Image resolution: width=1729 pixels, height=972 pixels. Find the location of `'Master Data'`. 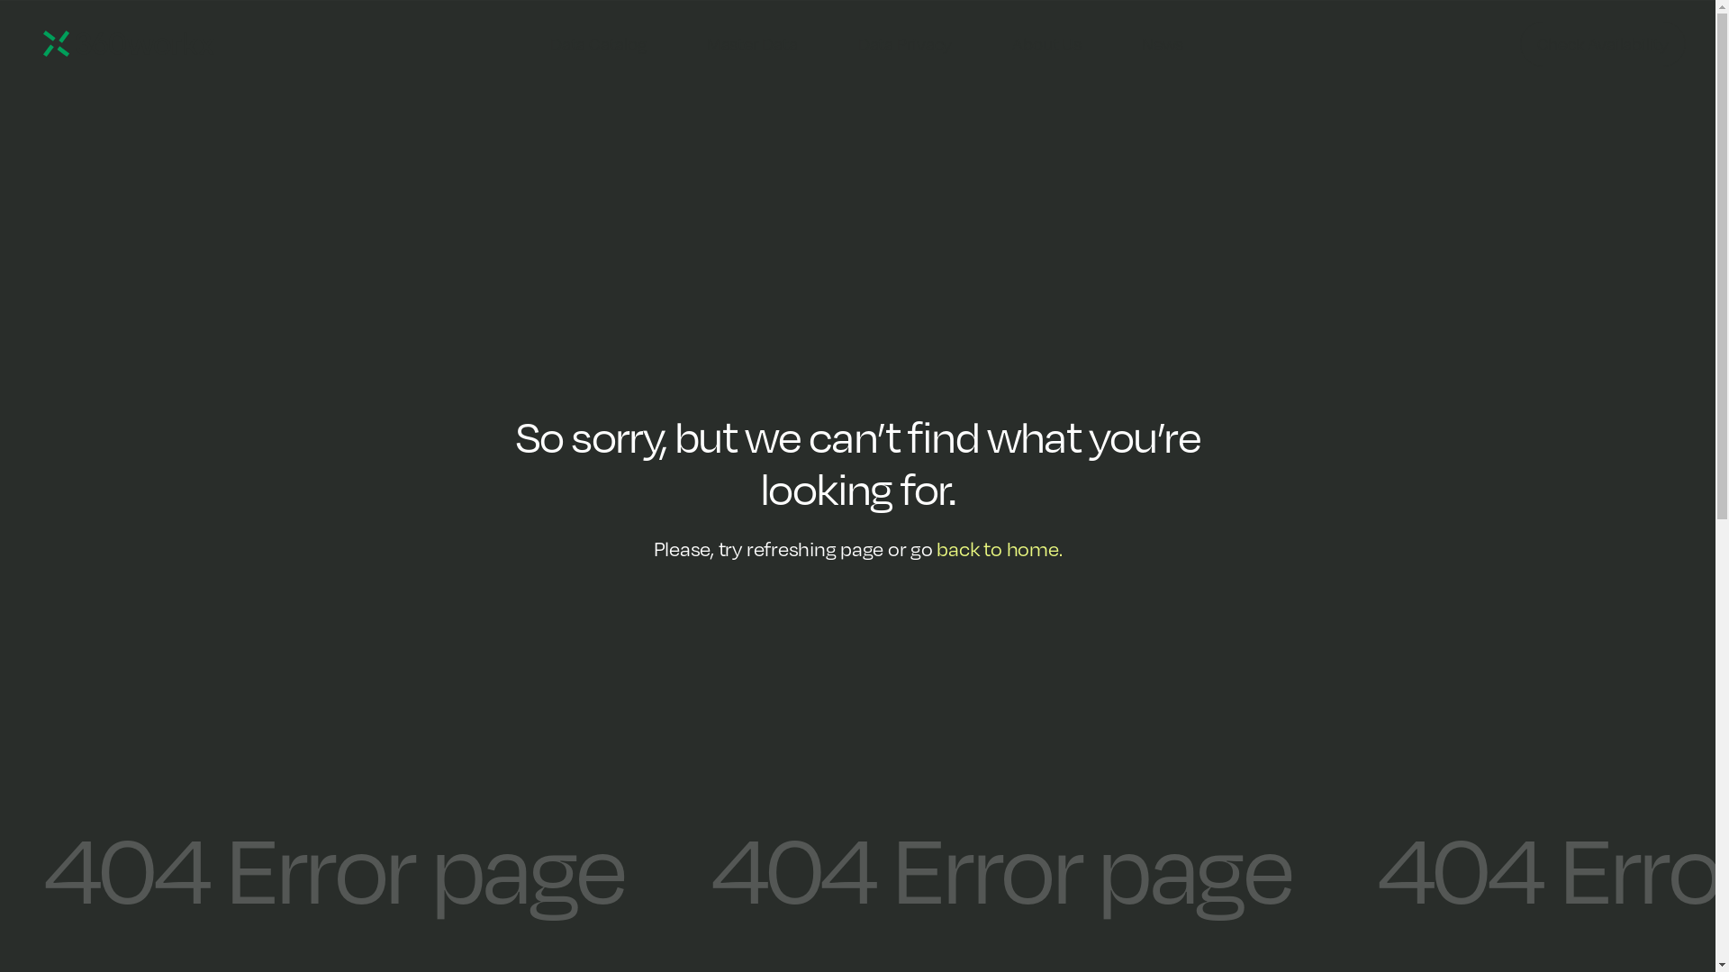

'Master Data' is located at coordinates (752, 43).